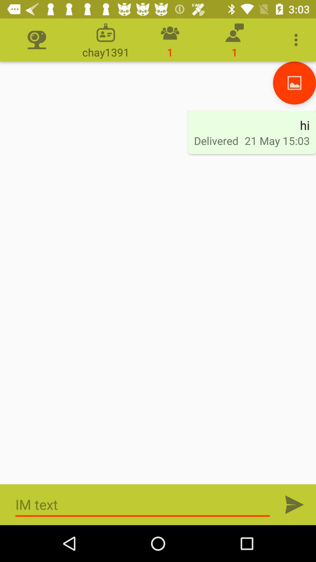 The image size is (316, 562). Describe the element at coordinates (294, 504) in the screenshot. I see `im text` at that location.